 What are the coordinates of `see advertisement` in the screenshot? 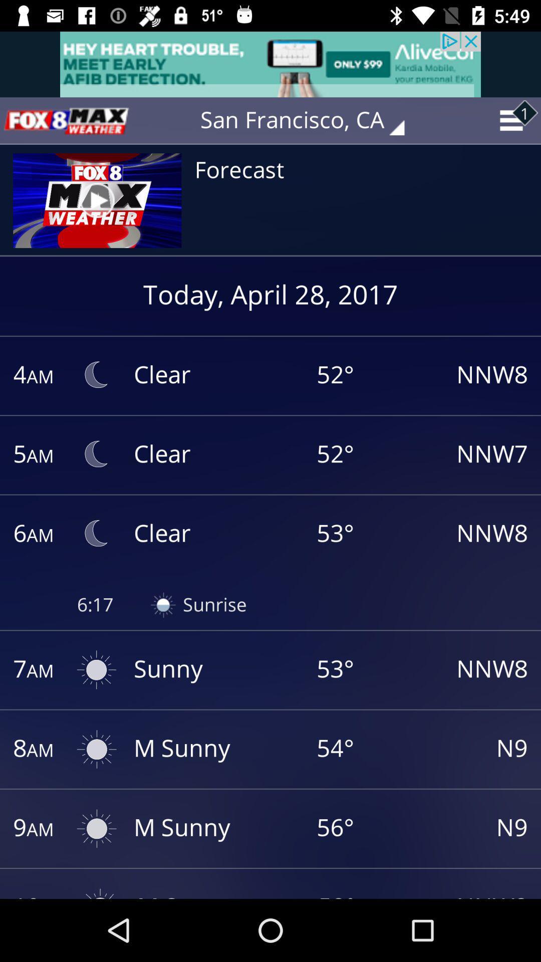 It's located at (270, 64).